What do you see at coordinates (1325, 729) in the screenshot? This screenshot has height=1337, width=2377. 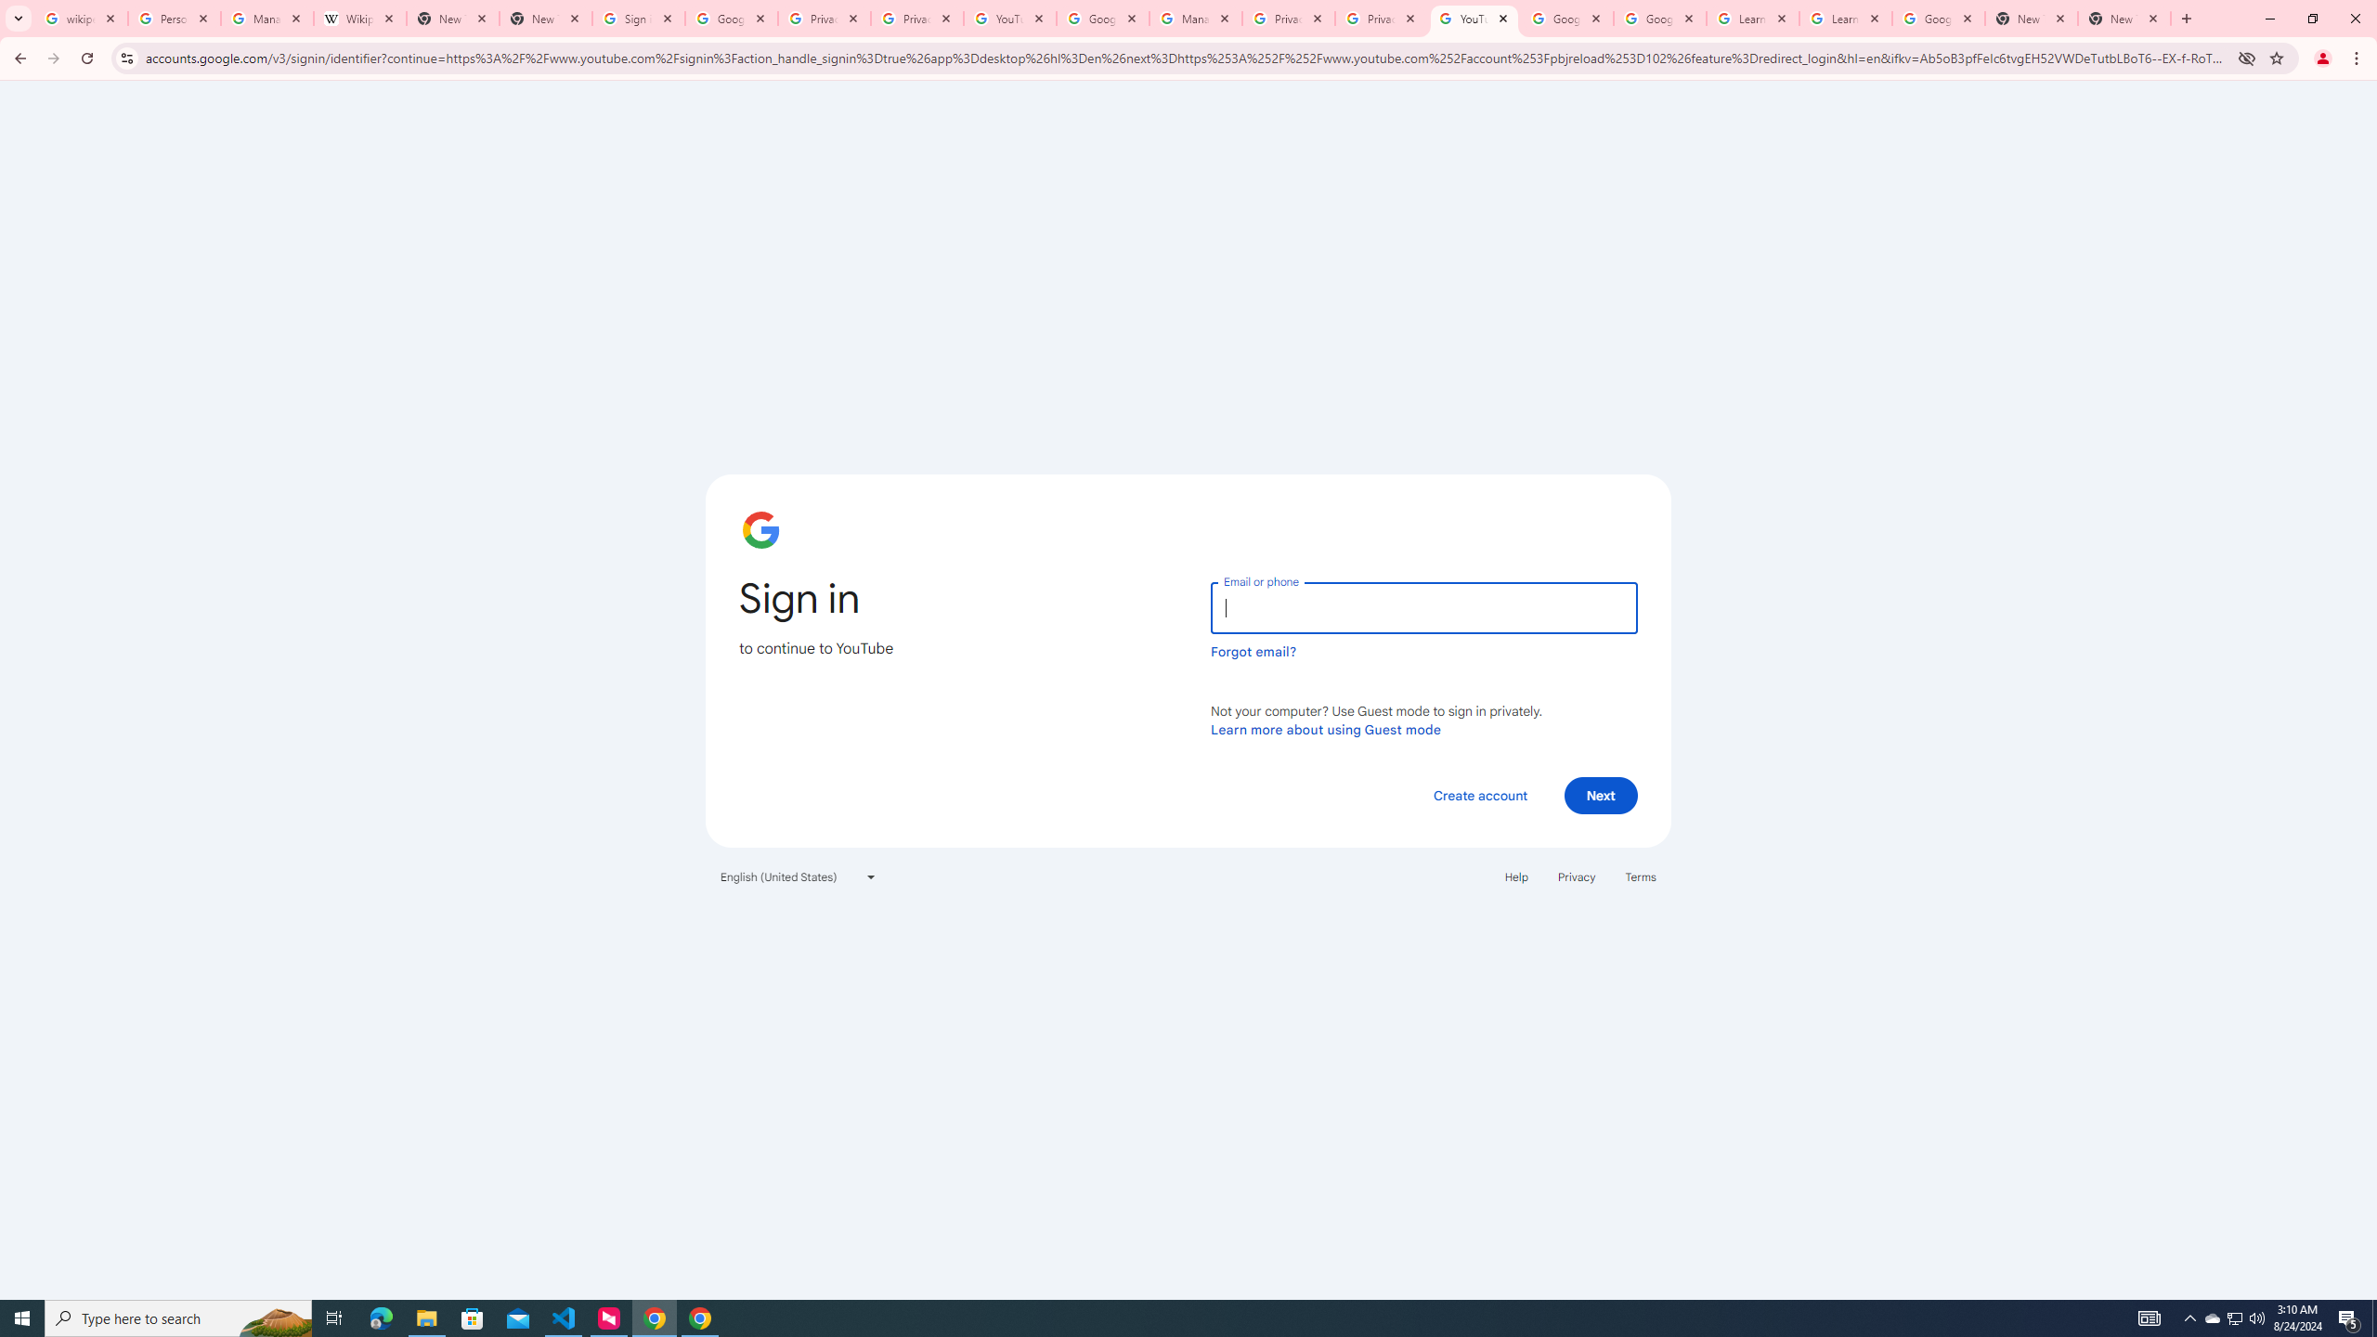 I see `'Learn more about using Guest mode'` at bounding box center [1325, 729].